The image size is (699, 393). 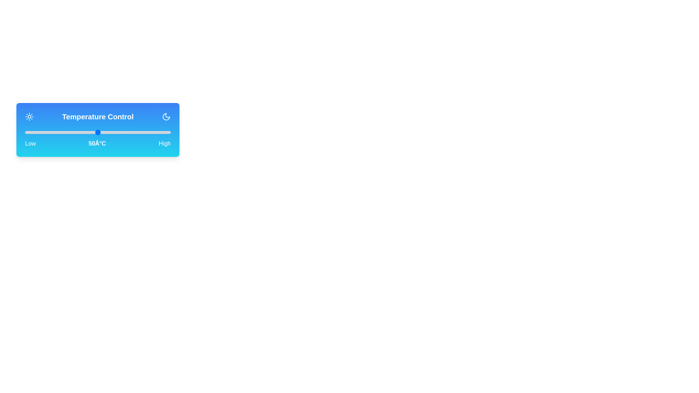 What do you see at coordinates (151, 132) in the screenshot?
I see `the temperature to 87°C by moving the slider` at bounding box center [151, 132].